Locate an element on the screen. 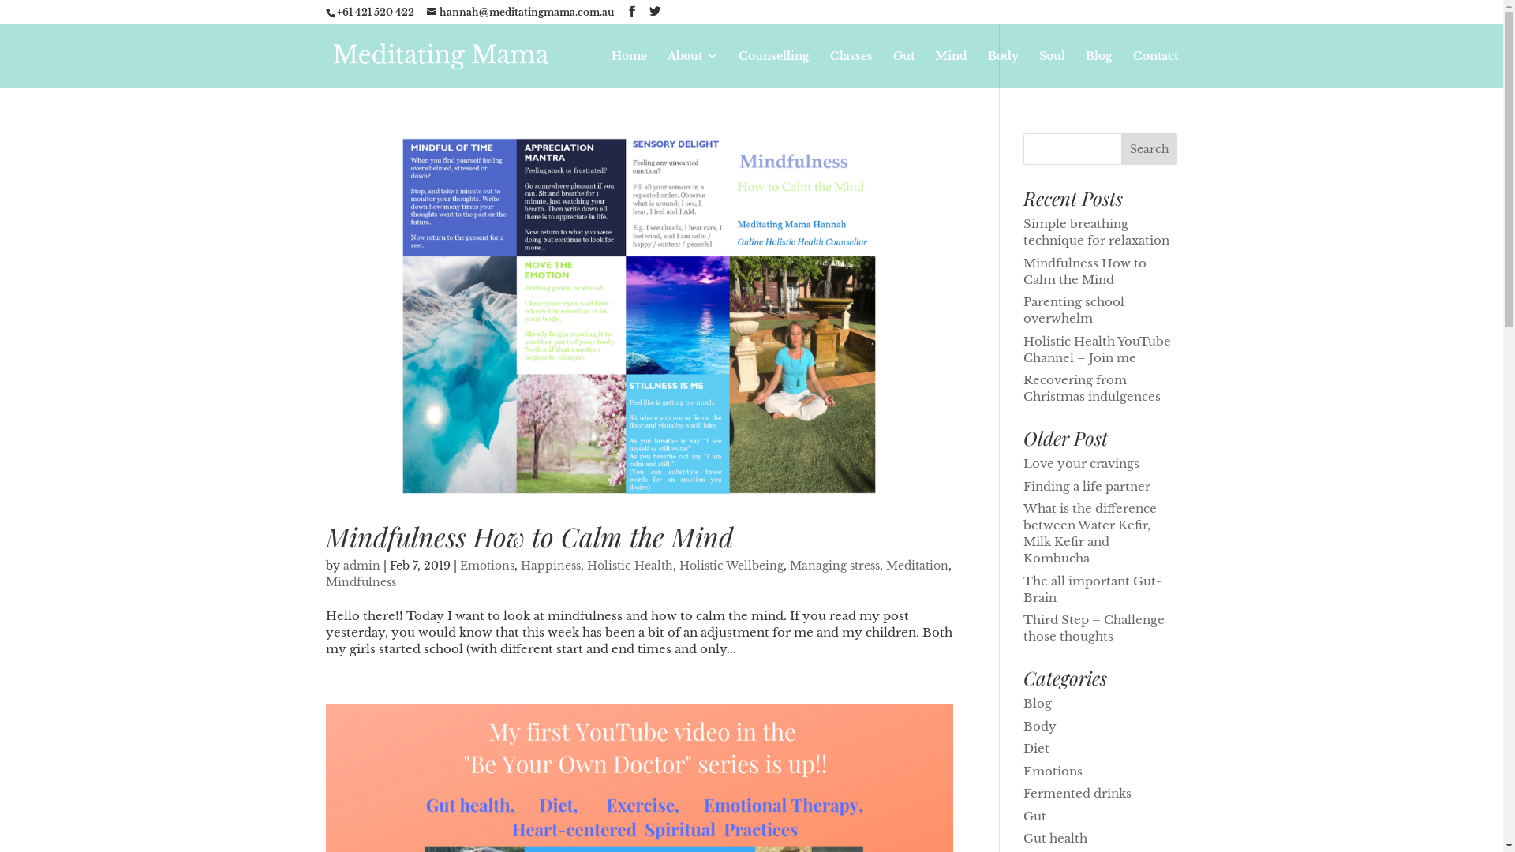  'admin' is located at coordinates (360, 565).